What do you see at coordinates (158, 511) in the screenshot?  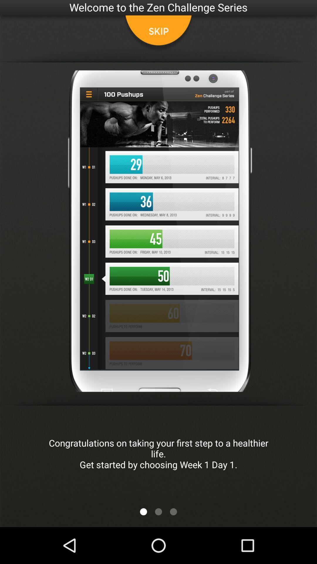 I see `second slide/image` at bounding box center [158, 511].